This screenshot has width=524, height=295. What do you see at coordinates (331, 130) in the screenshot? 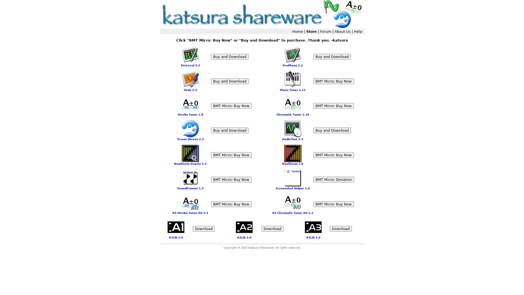
I see `Buy and Download` at bounding box center [331, 130].